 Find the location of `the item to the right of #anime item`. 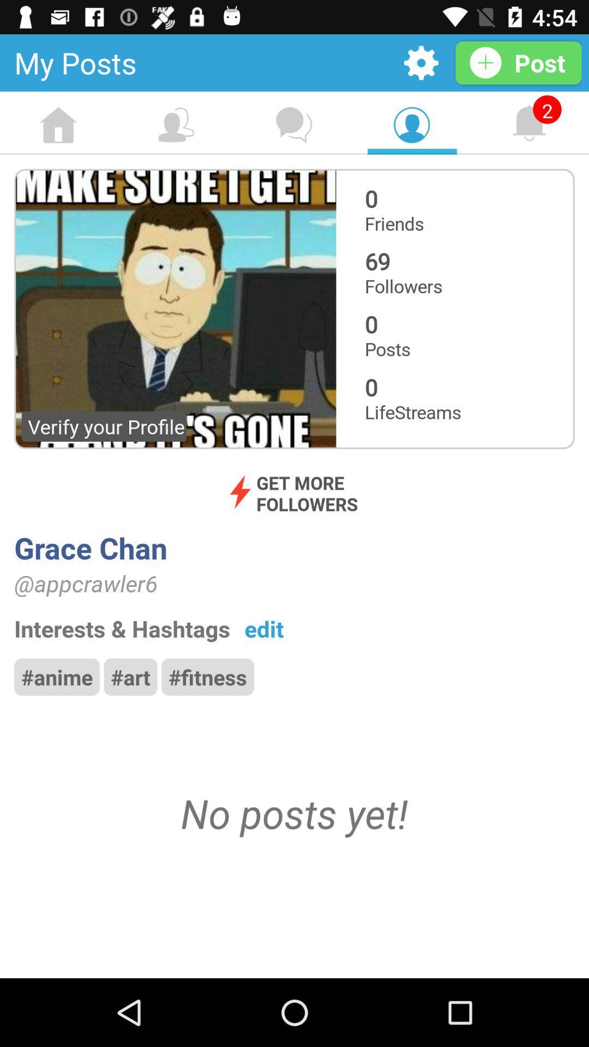

the item to the right of #anime item is located at coordinates (130, 676).